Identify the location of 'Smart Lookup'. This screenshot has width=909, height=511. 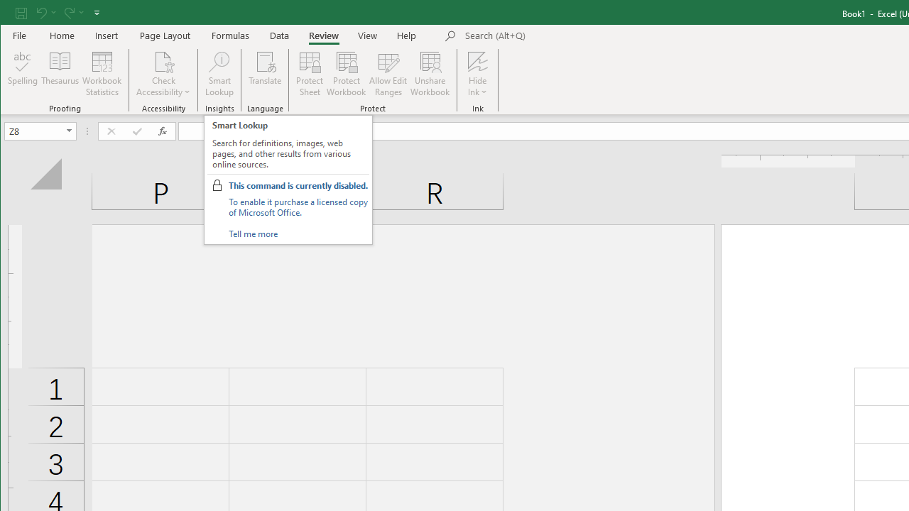
(219, 74).